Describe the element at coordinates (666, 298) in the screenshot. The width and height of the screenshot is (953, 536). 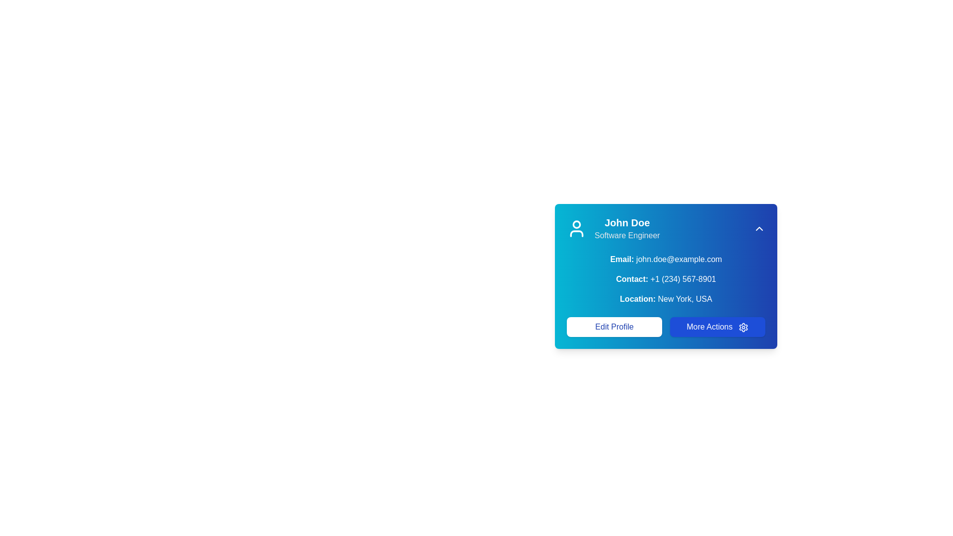
I see `the Location text label displaying 'New York, USA' in the profile card section, which is the third element in a vertical list of information fields` at that location.